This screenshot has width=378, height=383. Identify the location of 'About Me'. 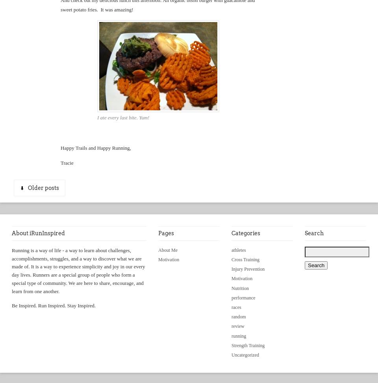
(168, 250).